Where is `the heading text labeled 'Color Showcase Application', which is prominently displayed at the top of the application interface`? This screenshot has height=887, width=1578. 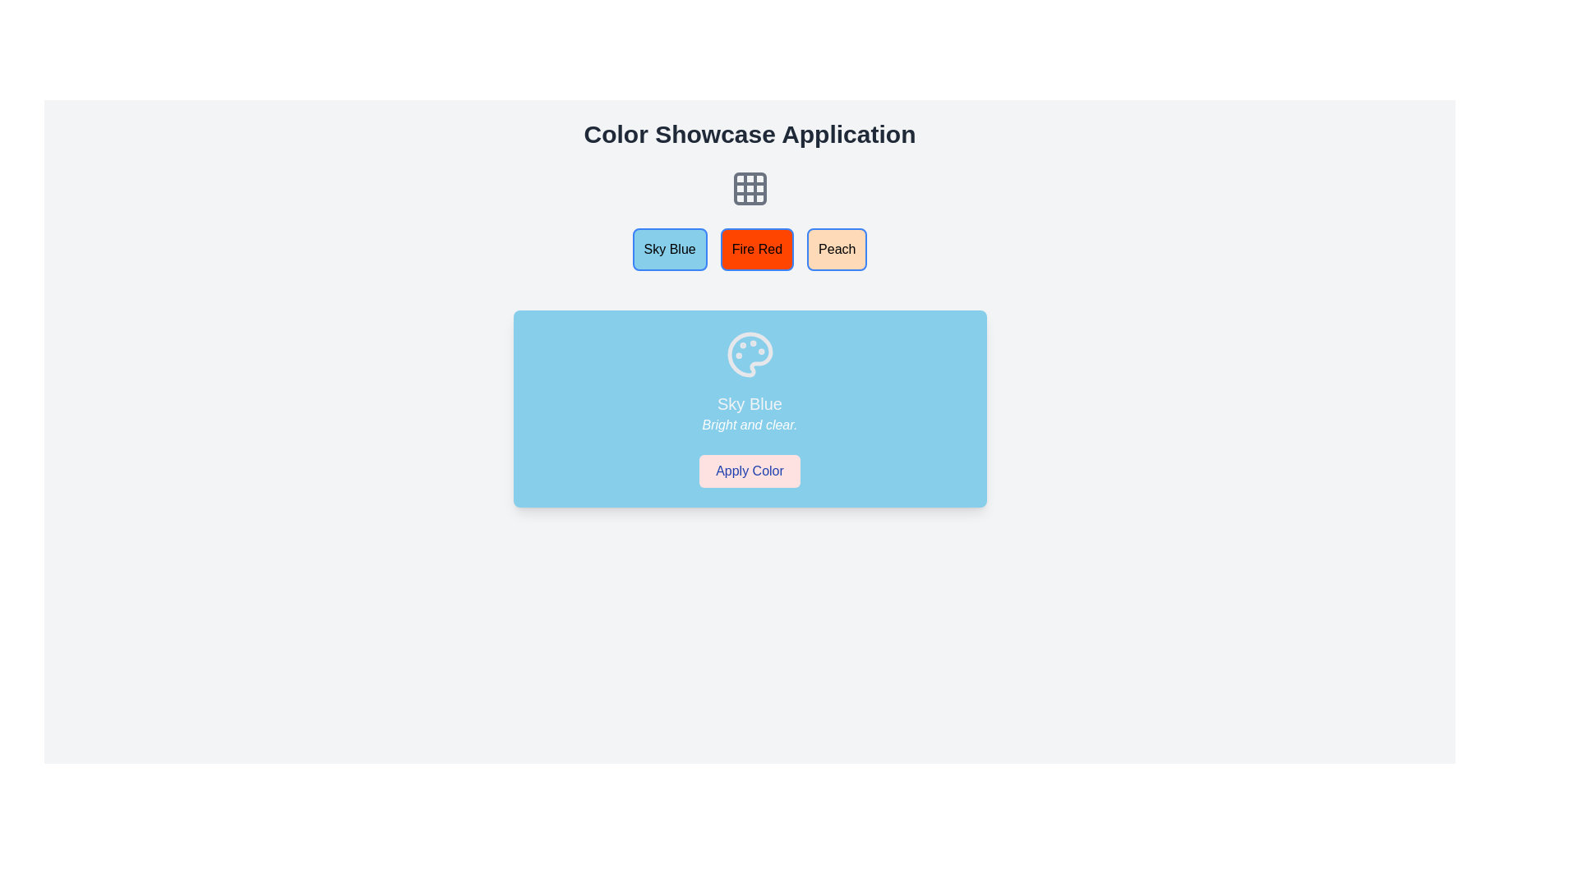
the heading text labeled 'Color Showcase Application', which is prominently displayed at the top of the application interface is located at coordinates (749, 134).